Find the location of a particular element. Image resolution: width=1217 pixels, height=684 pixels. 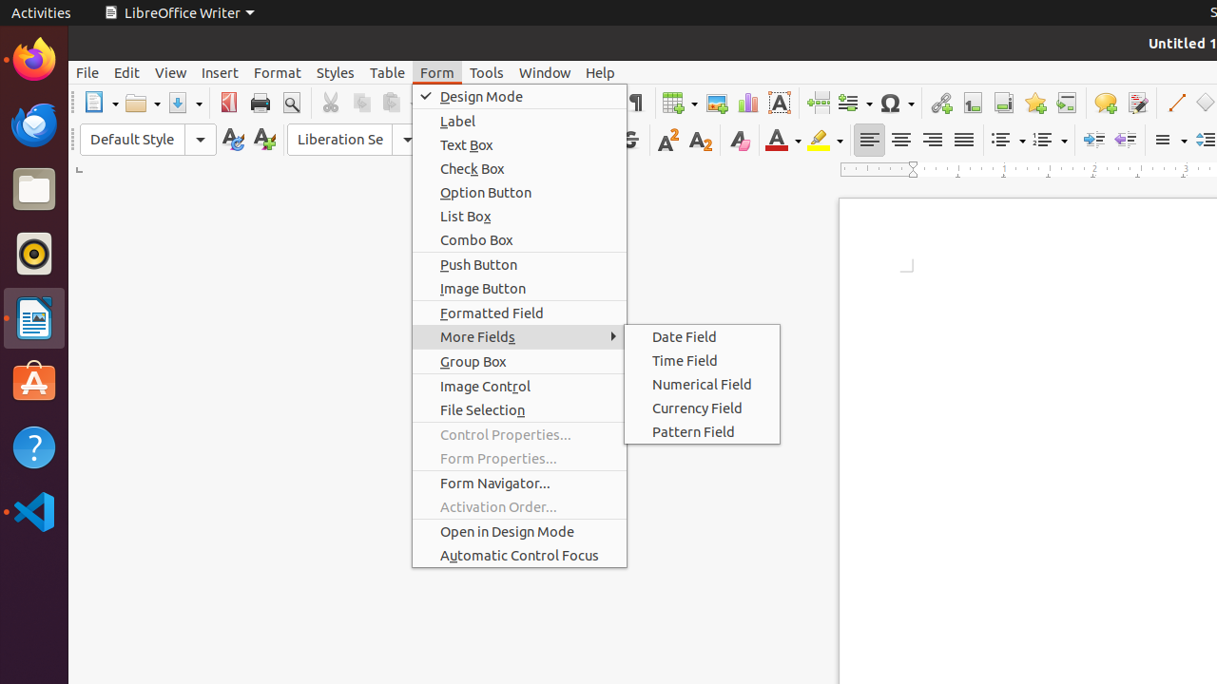

'Open in Design Mode' is located at coordinates (519, 531).